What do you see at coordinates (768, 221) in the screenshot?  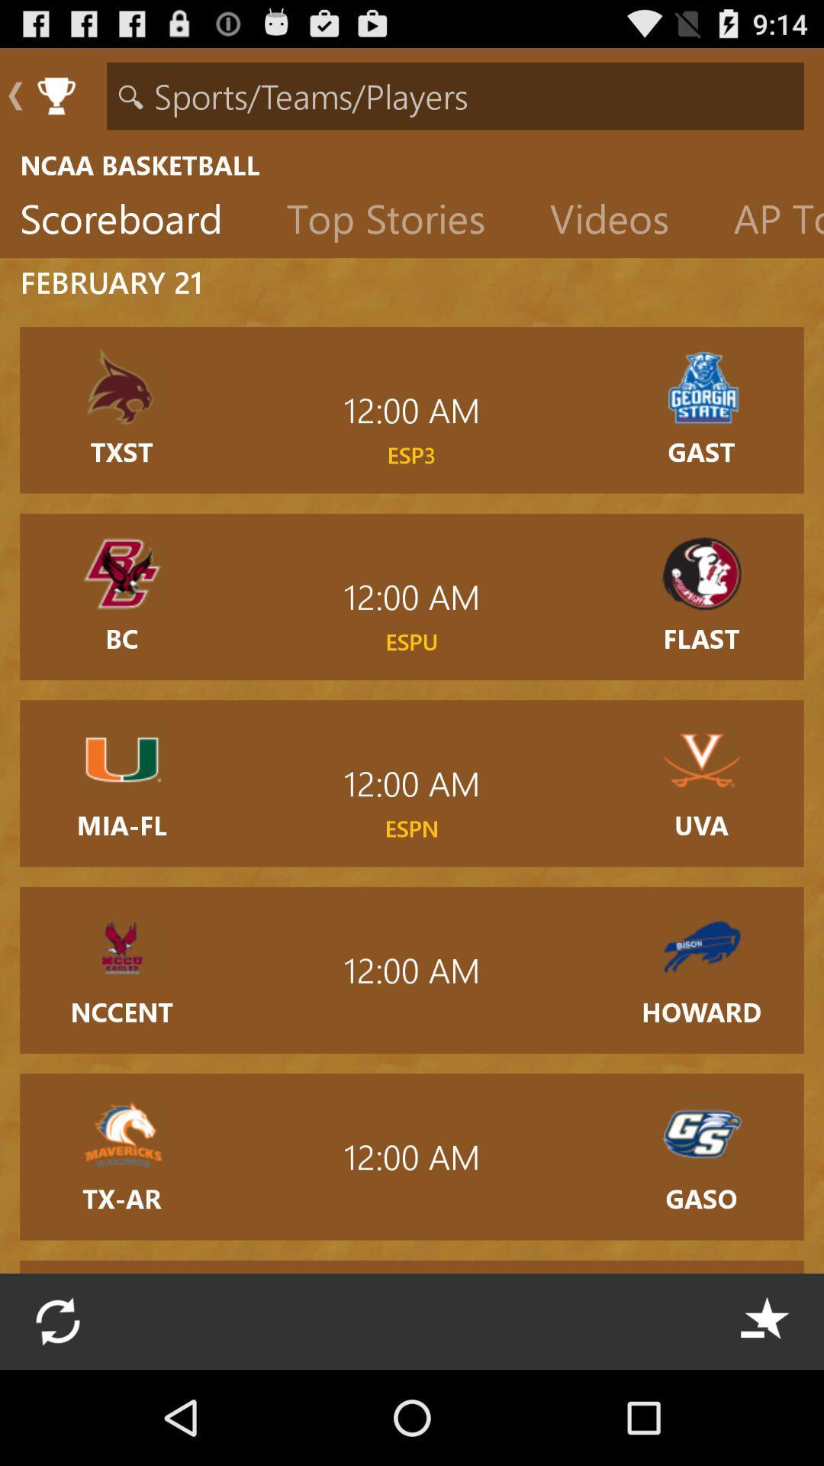 I see `the item below the ncaa basketball item` at bounding box center [768, 221].